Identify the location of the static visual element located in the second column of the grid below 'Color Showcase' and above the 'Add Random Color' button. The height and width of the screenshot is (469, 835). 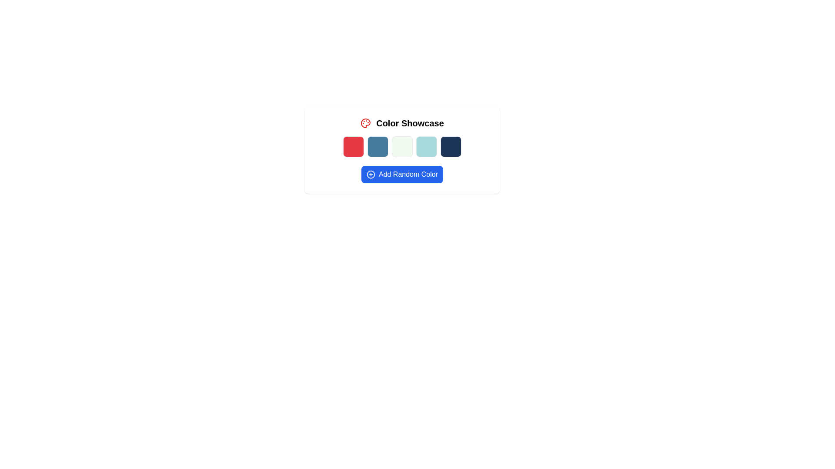
(377, 146).